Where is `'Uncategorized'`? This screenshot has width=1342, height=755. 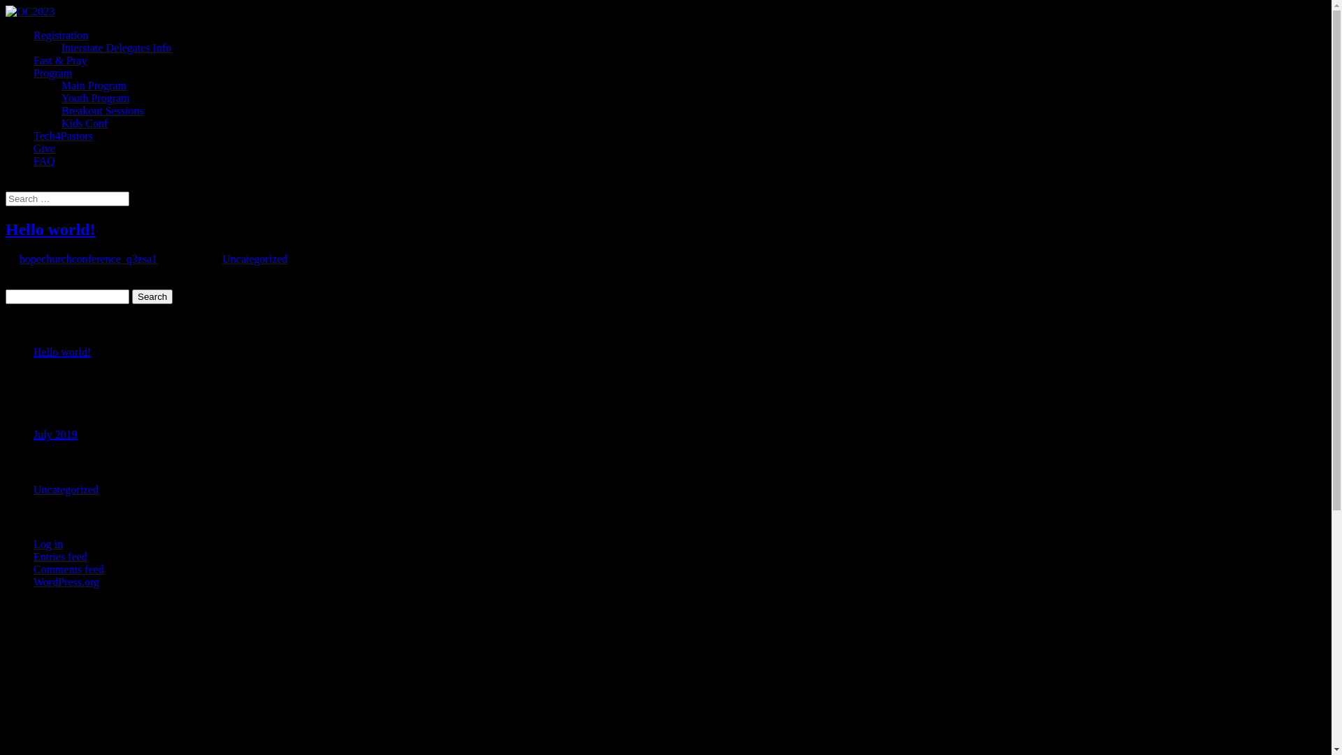
'Uncategorized' is located at coordinates (221, 259).